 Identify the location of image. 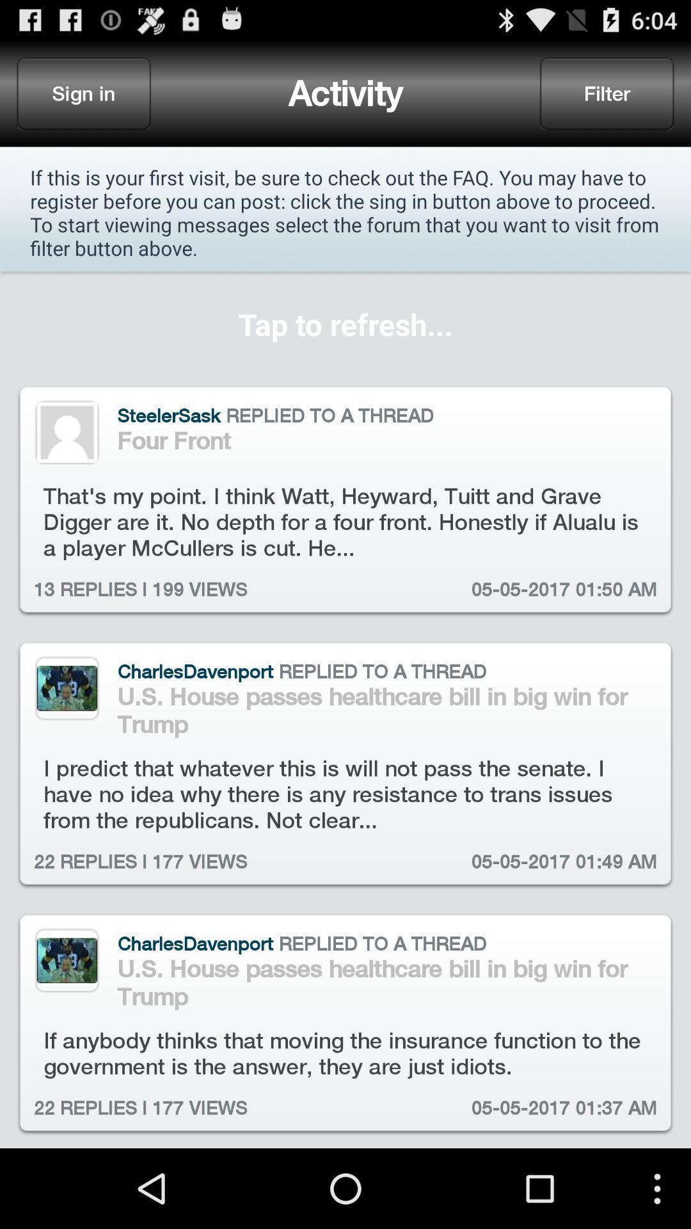
(67, 960).